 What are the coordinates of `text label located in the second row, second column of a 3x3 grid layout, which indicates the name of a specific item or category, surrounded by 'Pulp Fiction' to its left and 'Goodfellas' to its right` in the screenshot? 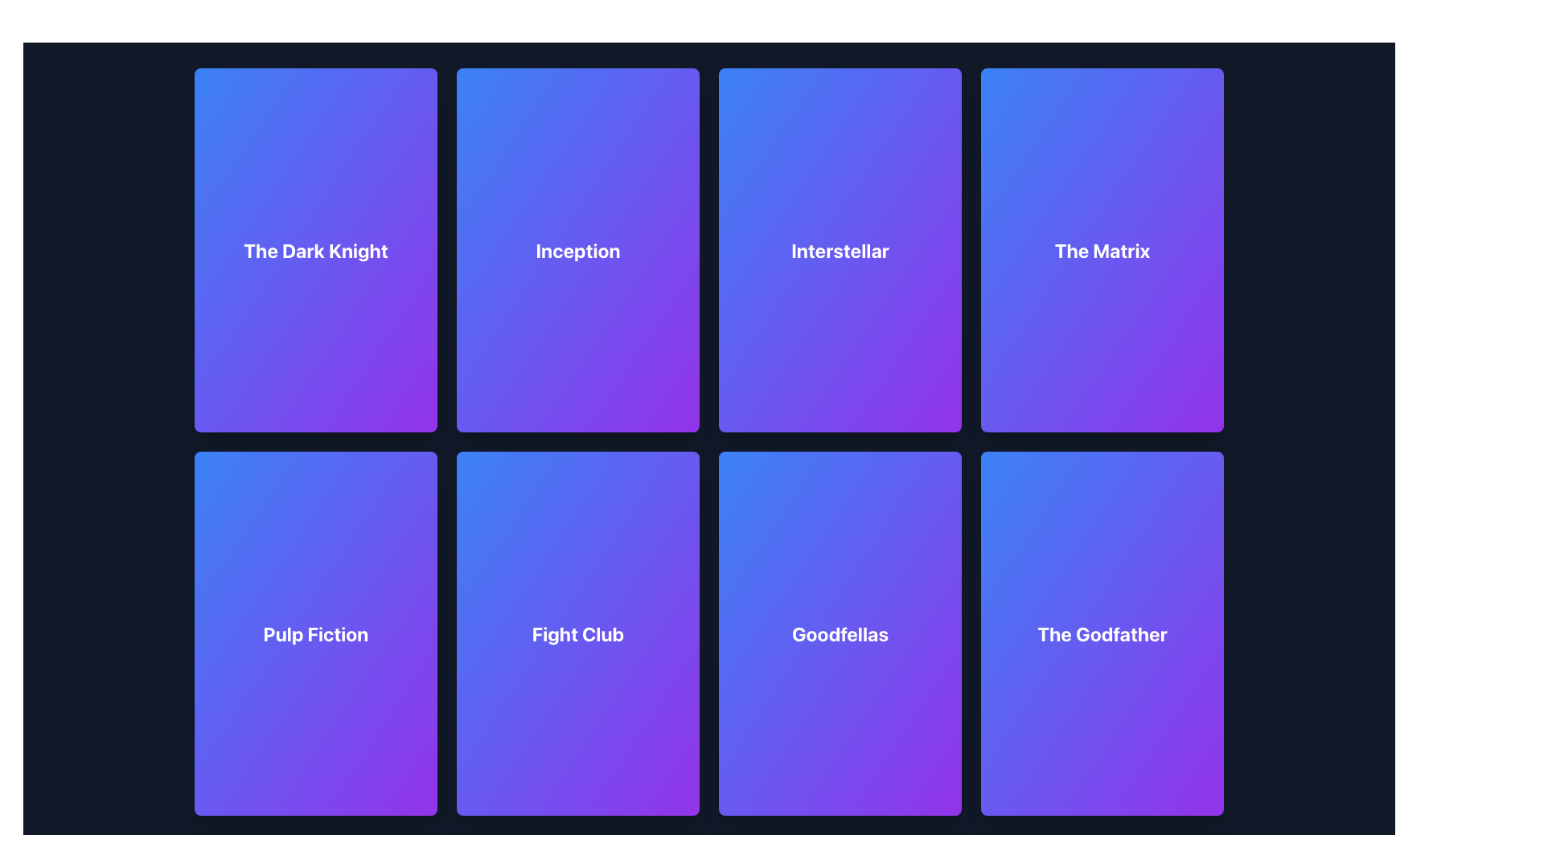 It's located at (578, 633).